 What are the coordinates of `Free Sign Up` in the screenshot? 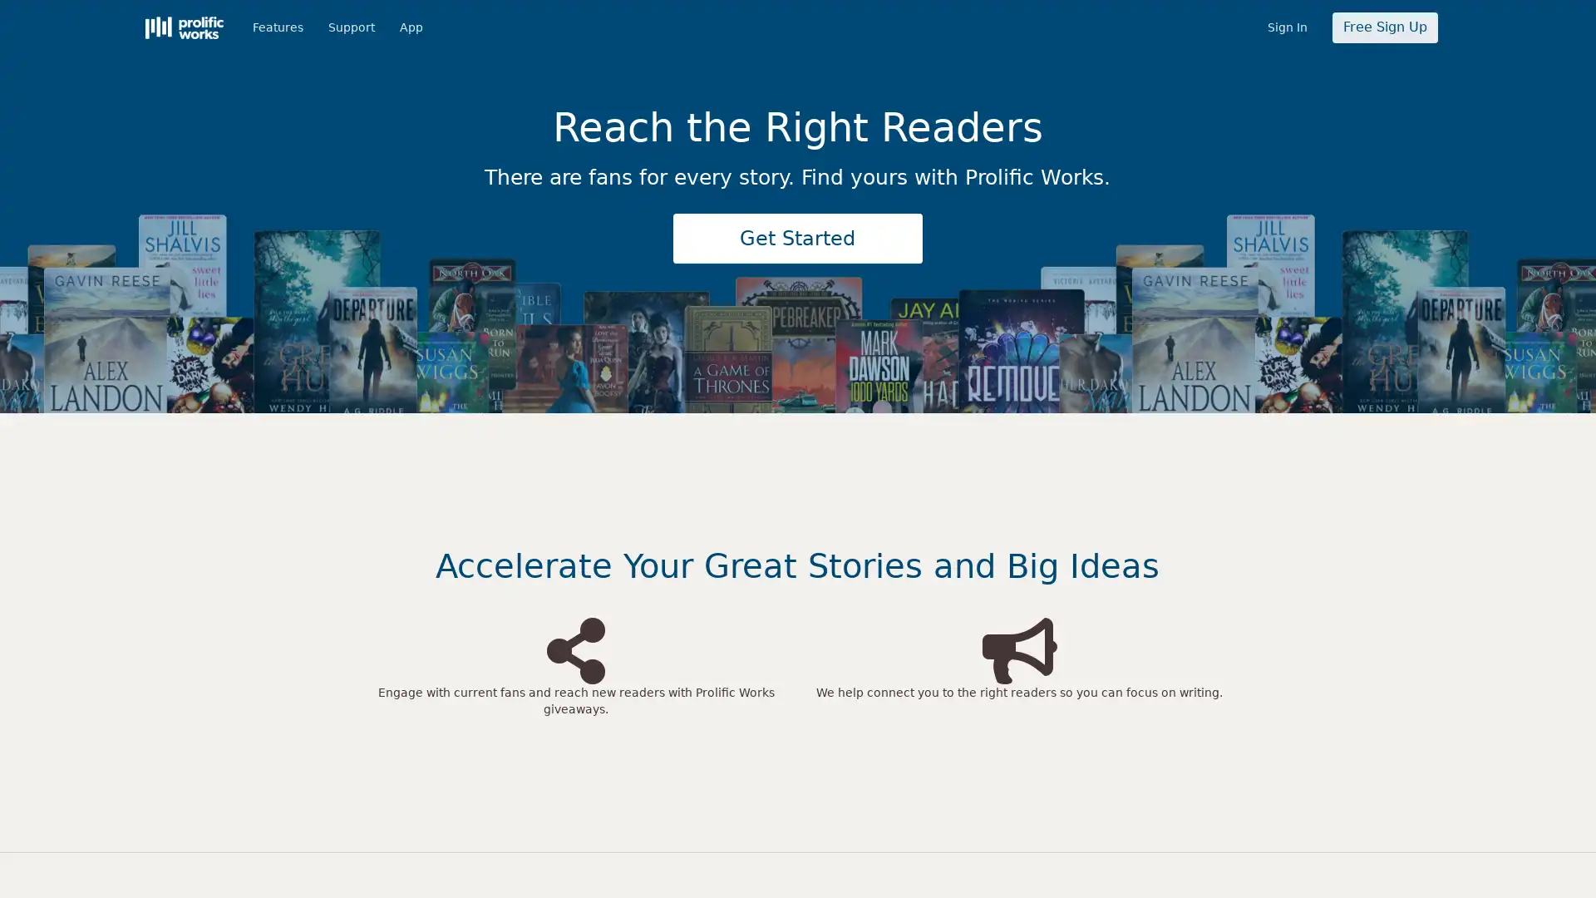 It's located at (1384, 27).